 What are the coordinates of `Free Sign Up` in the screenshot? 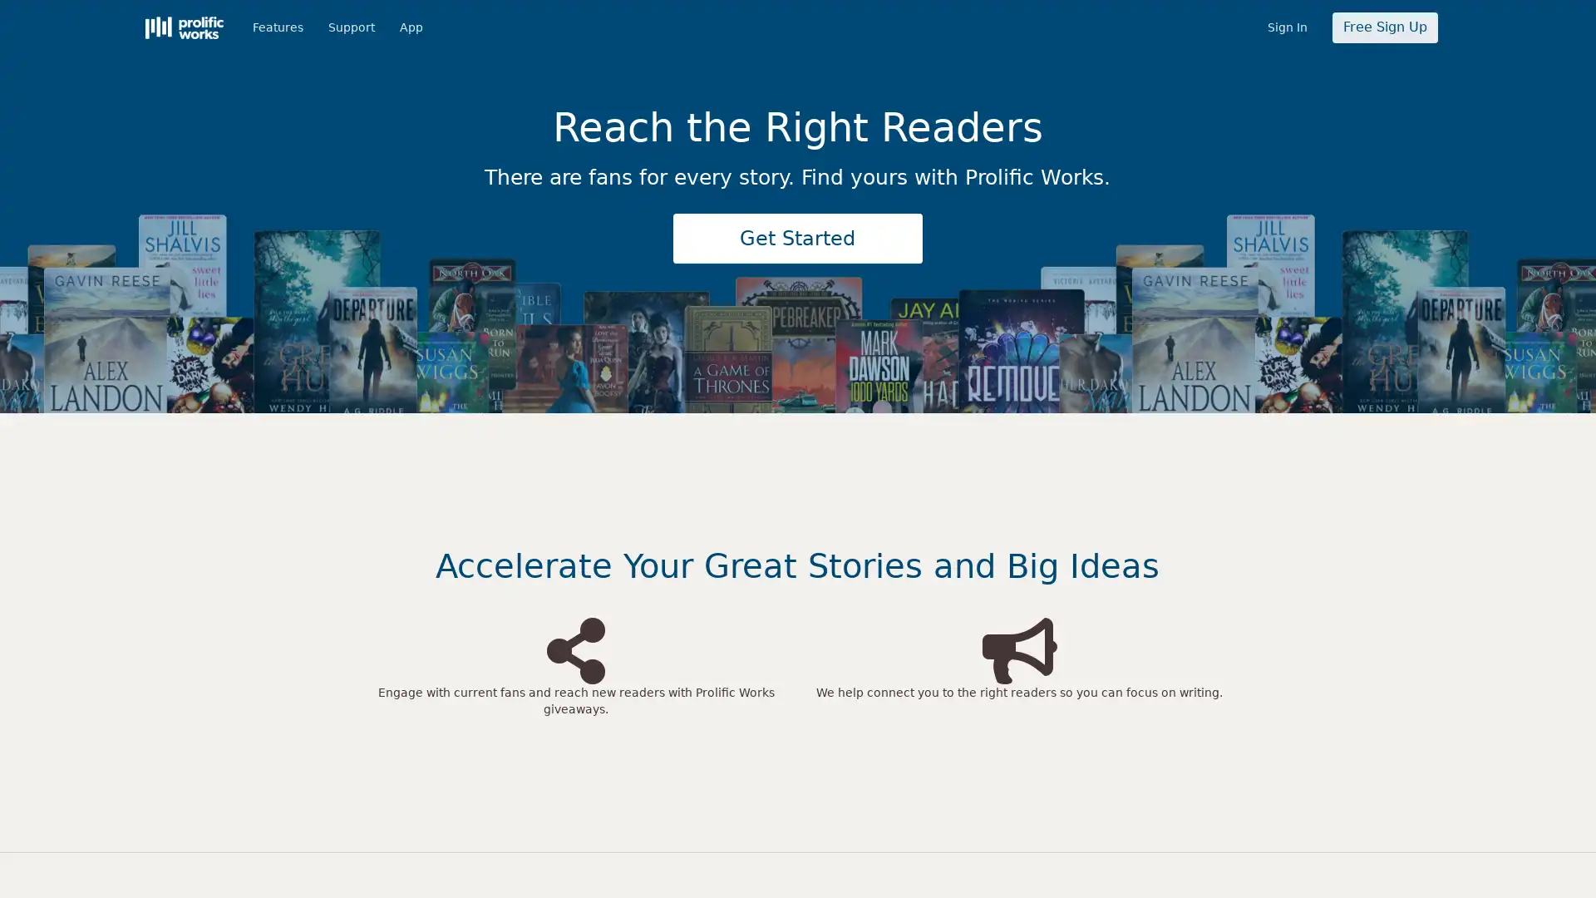 It's located at (1384, 27).